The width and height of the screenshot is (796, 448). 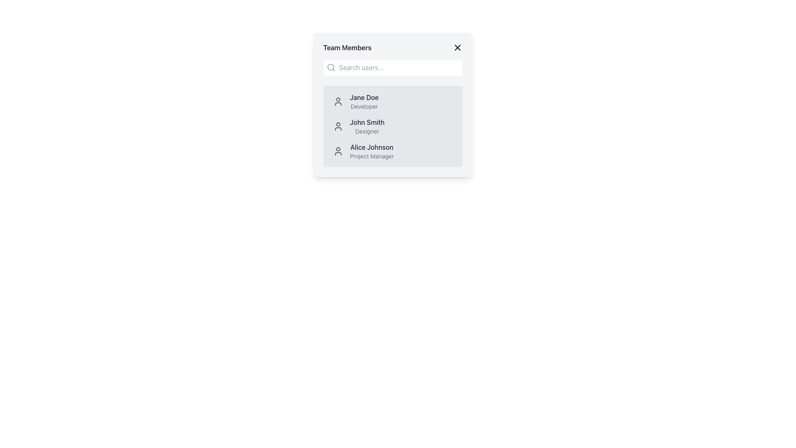 What do you see at coordinates (366, 131) in the screenshot?
I see `informational text label indicating the role or position of 'John Smith' in the profile card, located below the name text and aligned to its left edge` at bounding box center [366, 131].